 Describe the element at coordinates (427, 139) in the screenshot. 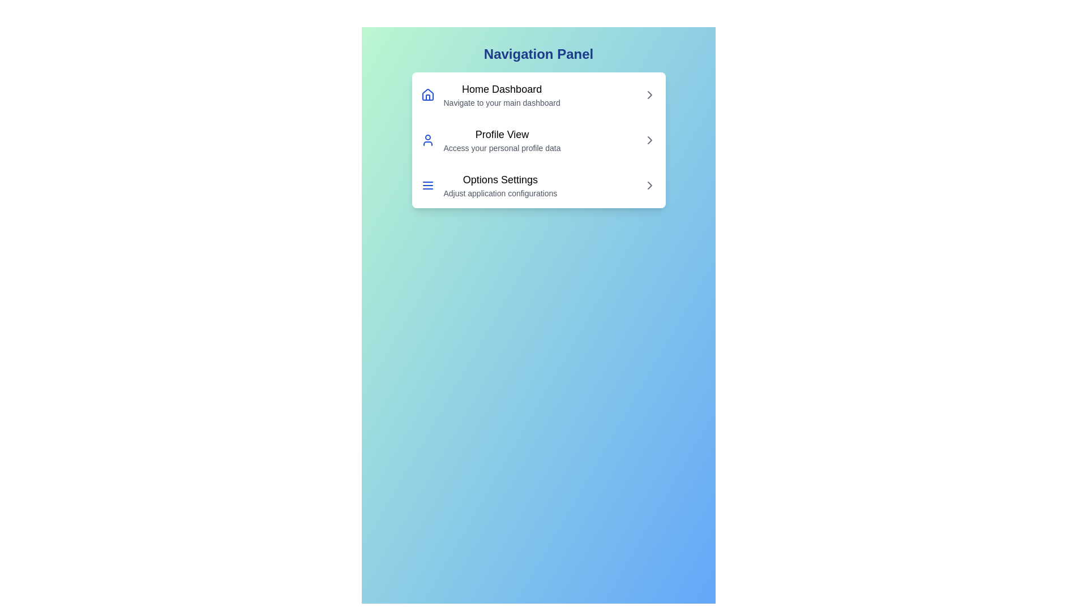

I see `icon of the menu item Profile View` at that location.